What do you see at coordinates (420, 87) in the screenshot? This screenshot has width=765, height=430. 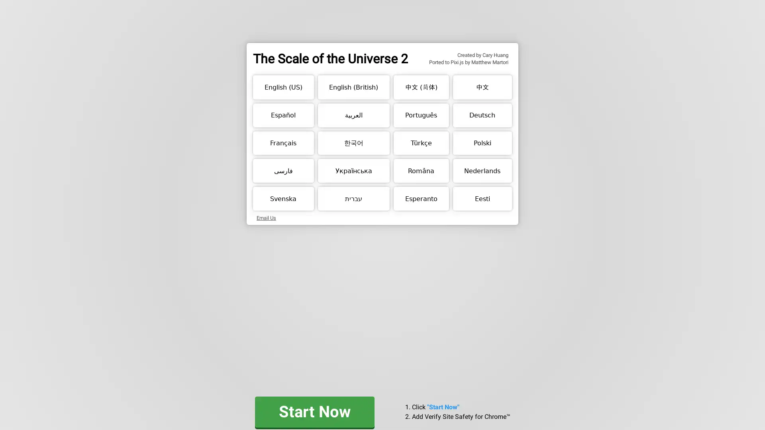 I see `()` at bounding box center [420, 87].